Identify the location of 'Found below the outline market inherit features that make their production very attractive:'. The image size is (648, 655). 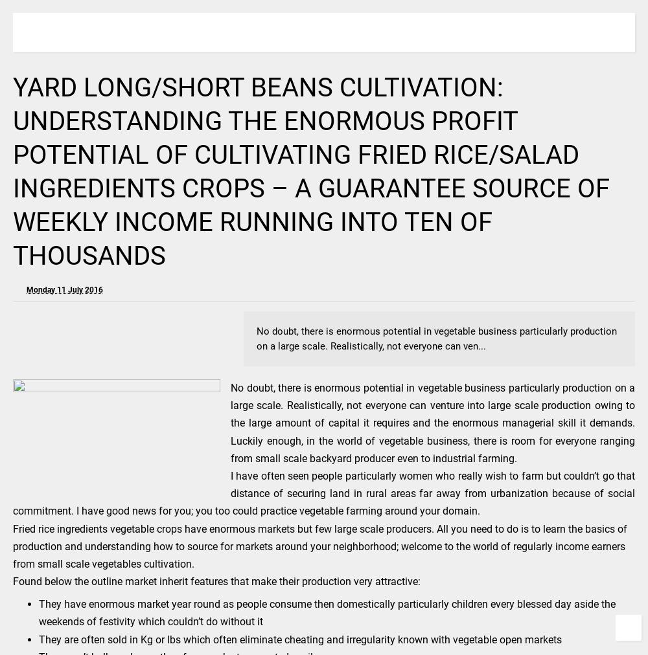
(216, 581).